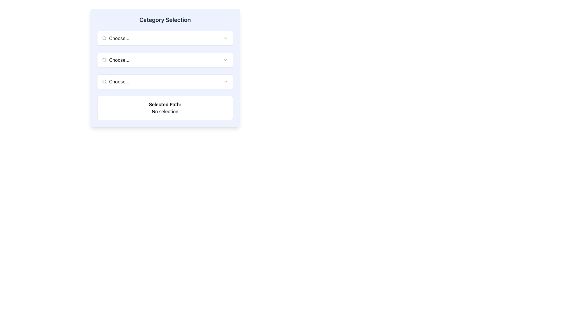  I want to click on the dropdown menu input field located in the second row of the 'Category Selection' section, so click(166, 60).